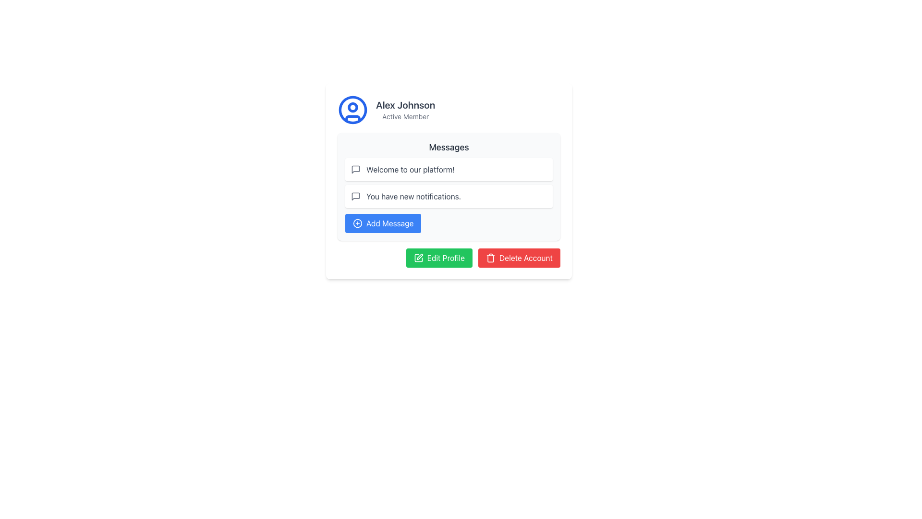 Image resolution: width=922 pixels, height=519 pixels. What do you see at coordinates (418, 257) in the screenshot?
I see `the green square-shaped icon with a pen symbol inside, located within the 'Edit Profile' button` at bounding box center [418, 257].